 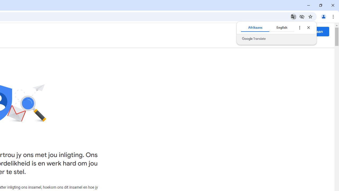 I want to click on 'Translate this page', so click(x=293, y=16).